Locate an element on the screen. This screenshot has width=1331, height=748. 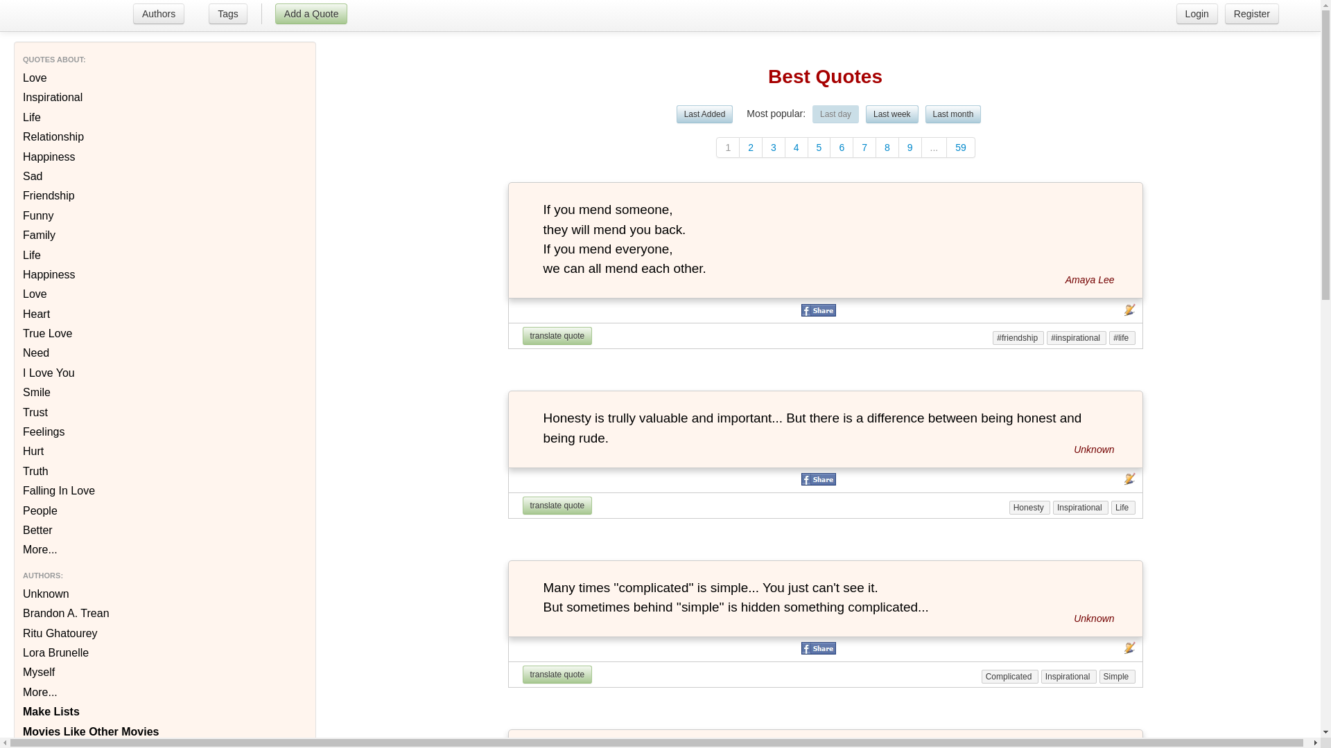
'Login' is located at coordinates (1197, 13).